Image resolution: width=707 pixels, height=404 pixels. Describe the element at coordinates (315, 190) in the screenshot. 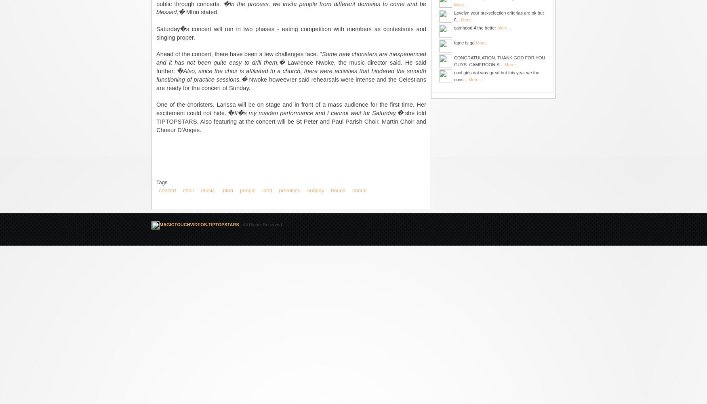

I see `'sunday'` at that location.